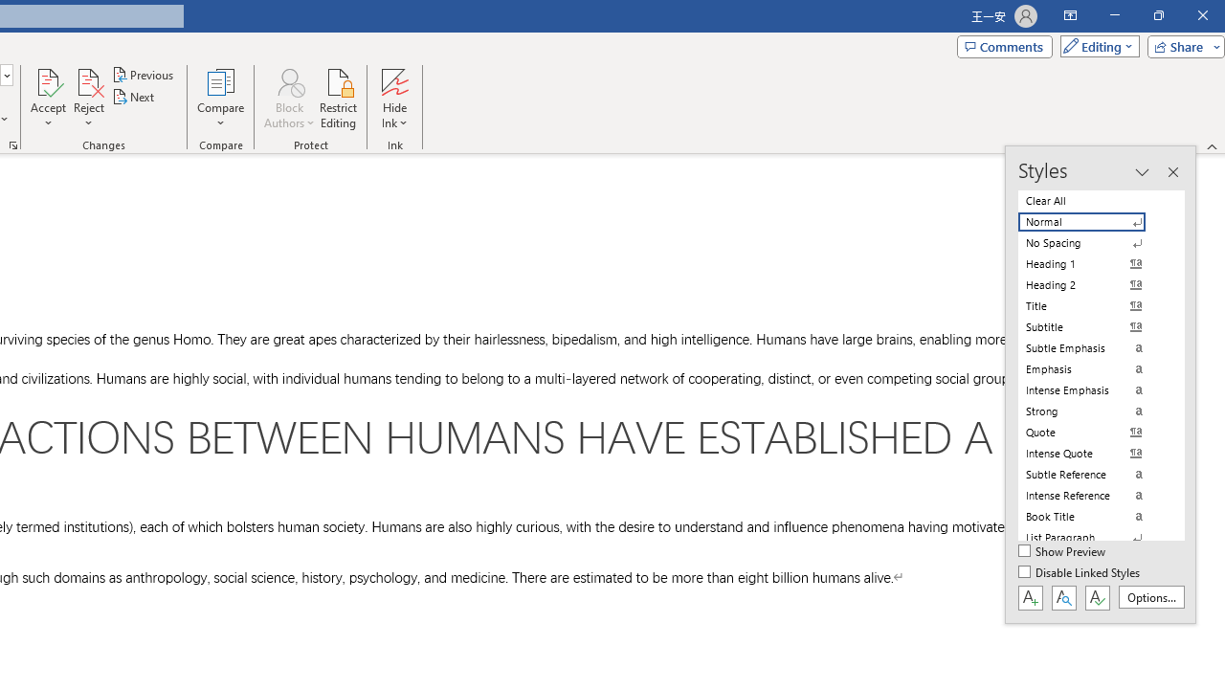 This screenshot has height=689, width=1225. I want to click on 'Reject and Move to Next', so click(87, 80).